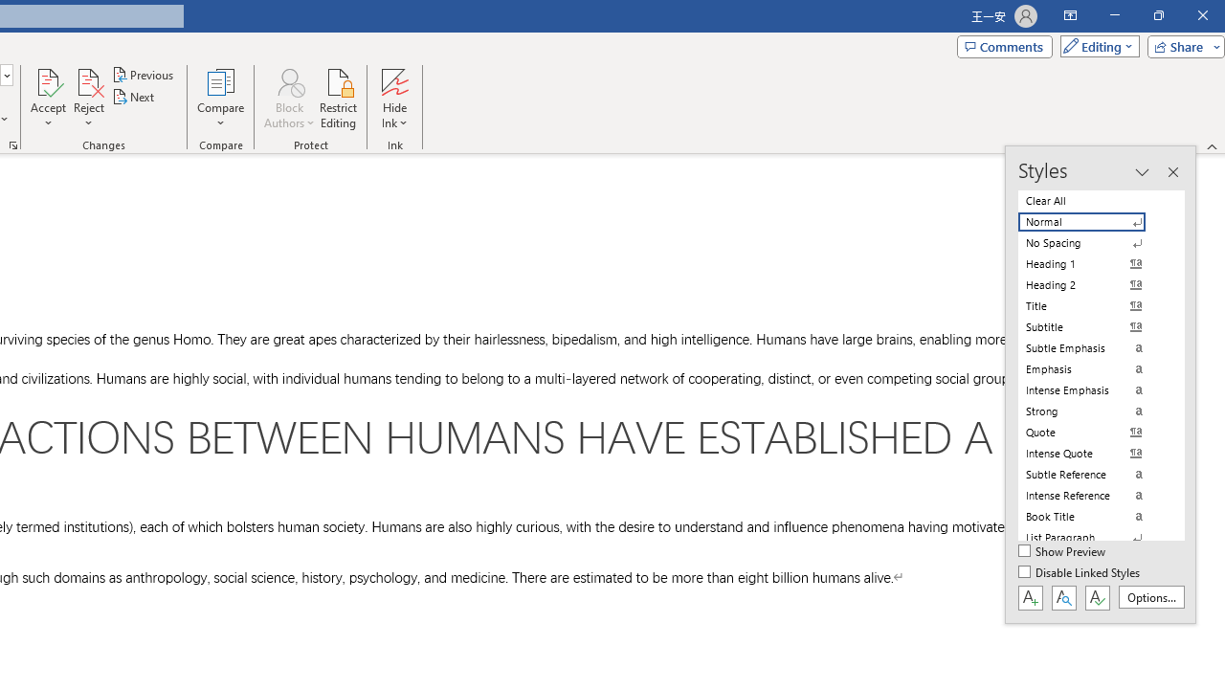 This screenshot has height=689, width=1225. I want to click on 'Reject and Move to Next', so click(87, 80).